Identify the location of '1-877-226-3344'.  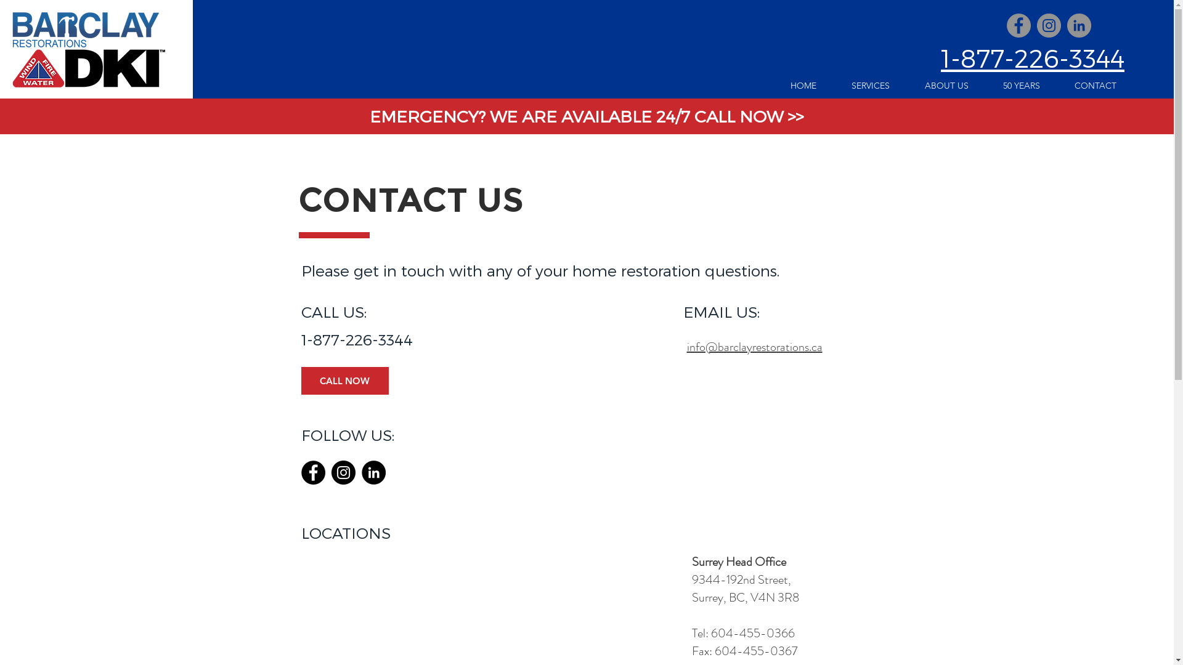
(1032, 57).